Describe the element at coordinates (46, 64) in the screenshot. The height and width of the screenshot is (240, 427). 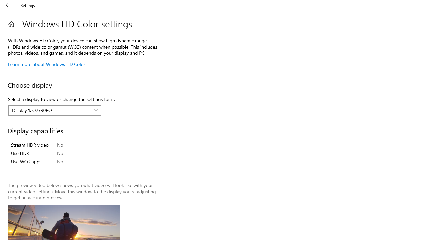
I see `'Learn more about Windows HD Color'` at that location.